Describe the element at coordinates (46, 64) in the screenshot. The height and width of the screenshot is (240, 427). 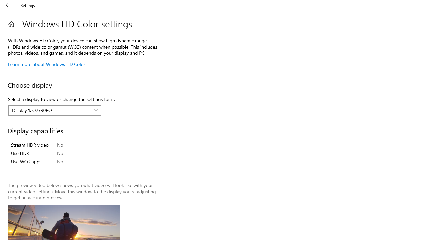
I see `'Learn more about Windows HD Color'` at that location.